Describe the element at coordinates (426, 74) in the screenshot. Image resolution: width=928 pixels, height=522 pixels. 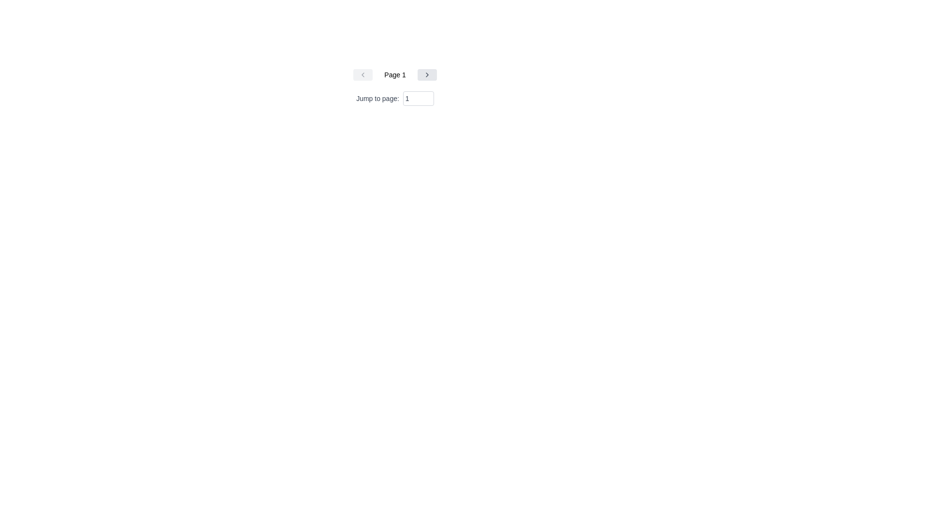
I see `the small rectangular button with rounded corners, light gray background, and dark gray border, which contains a right-facing arrow icon` at that location.